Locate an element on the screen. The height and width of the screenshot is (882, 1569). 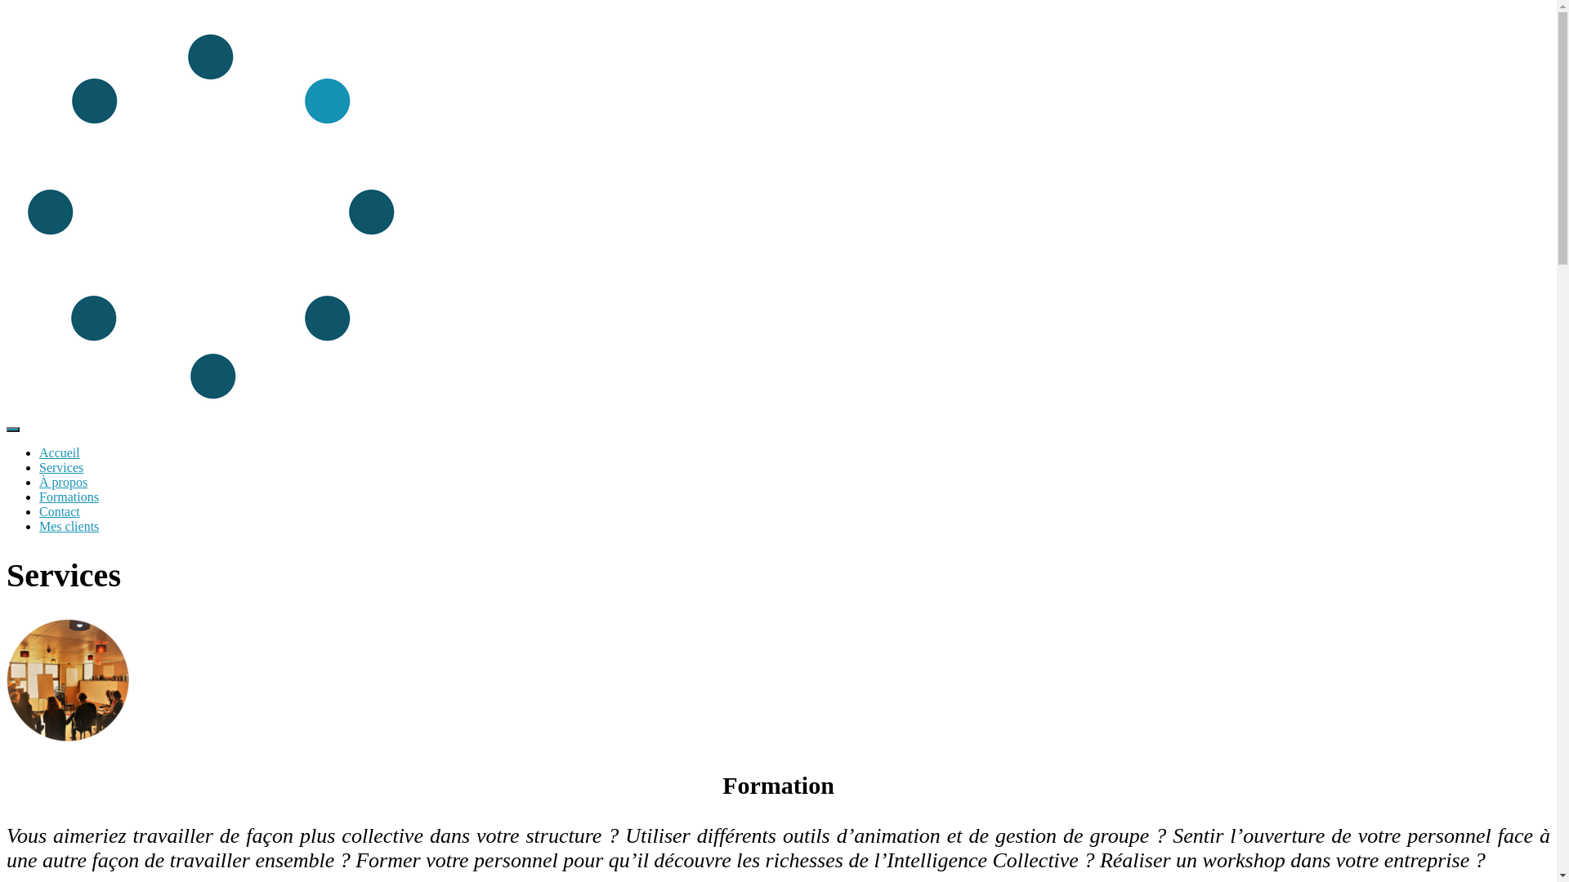
'Services' is located at coordinates (61, 467).